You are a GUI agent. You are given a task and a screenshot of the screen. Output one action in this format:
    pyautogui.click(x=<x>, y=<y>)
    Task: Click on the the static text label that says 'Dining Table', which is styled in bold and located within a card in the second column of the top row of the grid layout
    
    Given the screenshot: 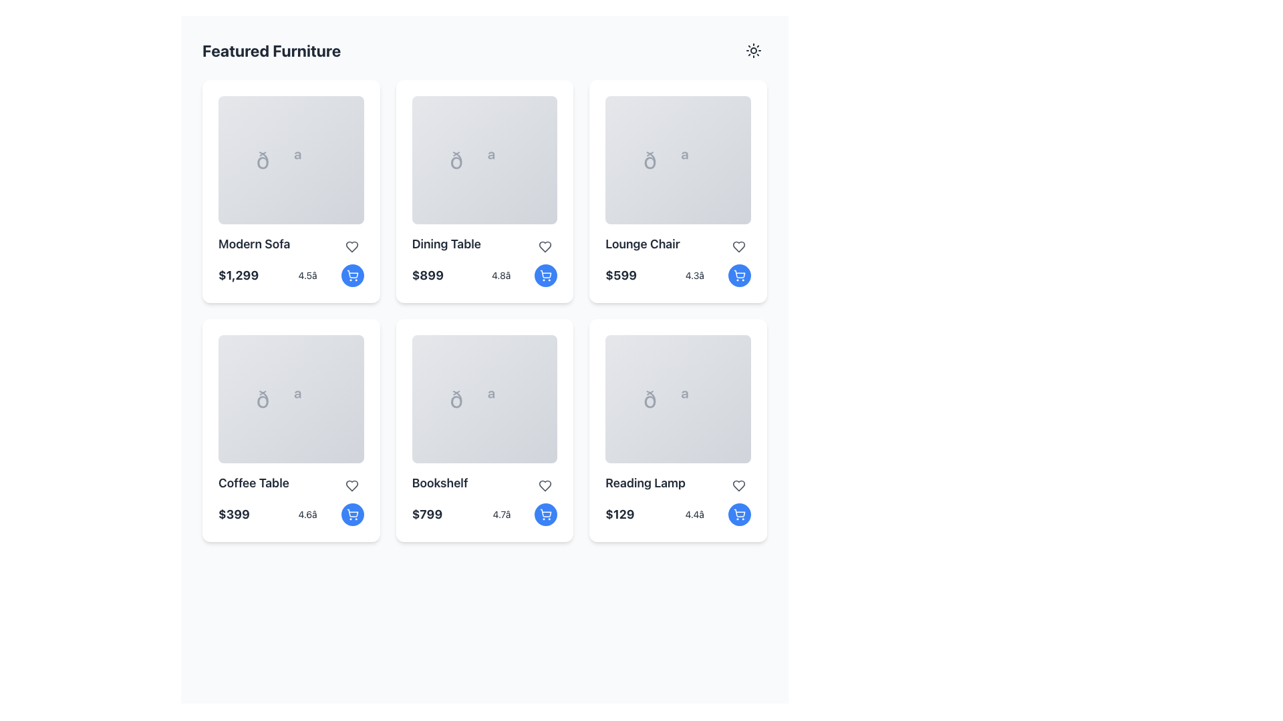 What is the action you would take?
    pyautogui.click(x=446, y=244)
    